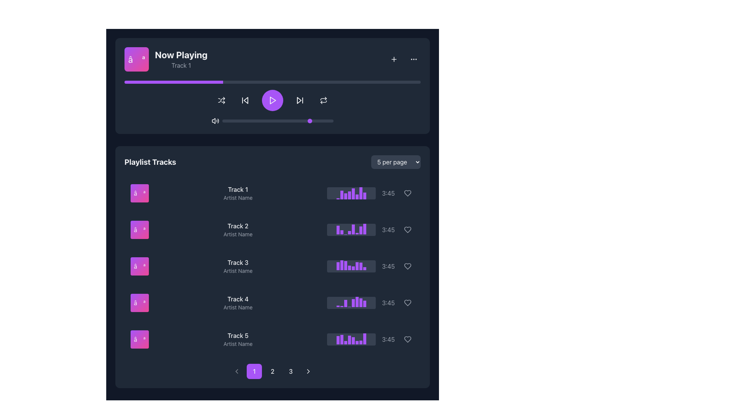 This screenshot has height=411, width=731. I want to click on the last (8th) purple bar in the 'Track 3' row of the 'Playlist Tracks' section, which represents a data point in a graphical visualization, so click(364, 268).